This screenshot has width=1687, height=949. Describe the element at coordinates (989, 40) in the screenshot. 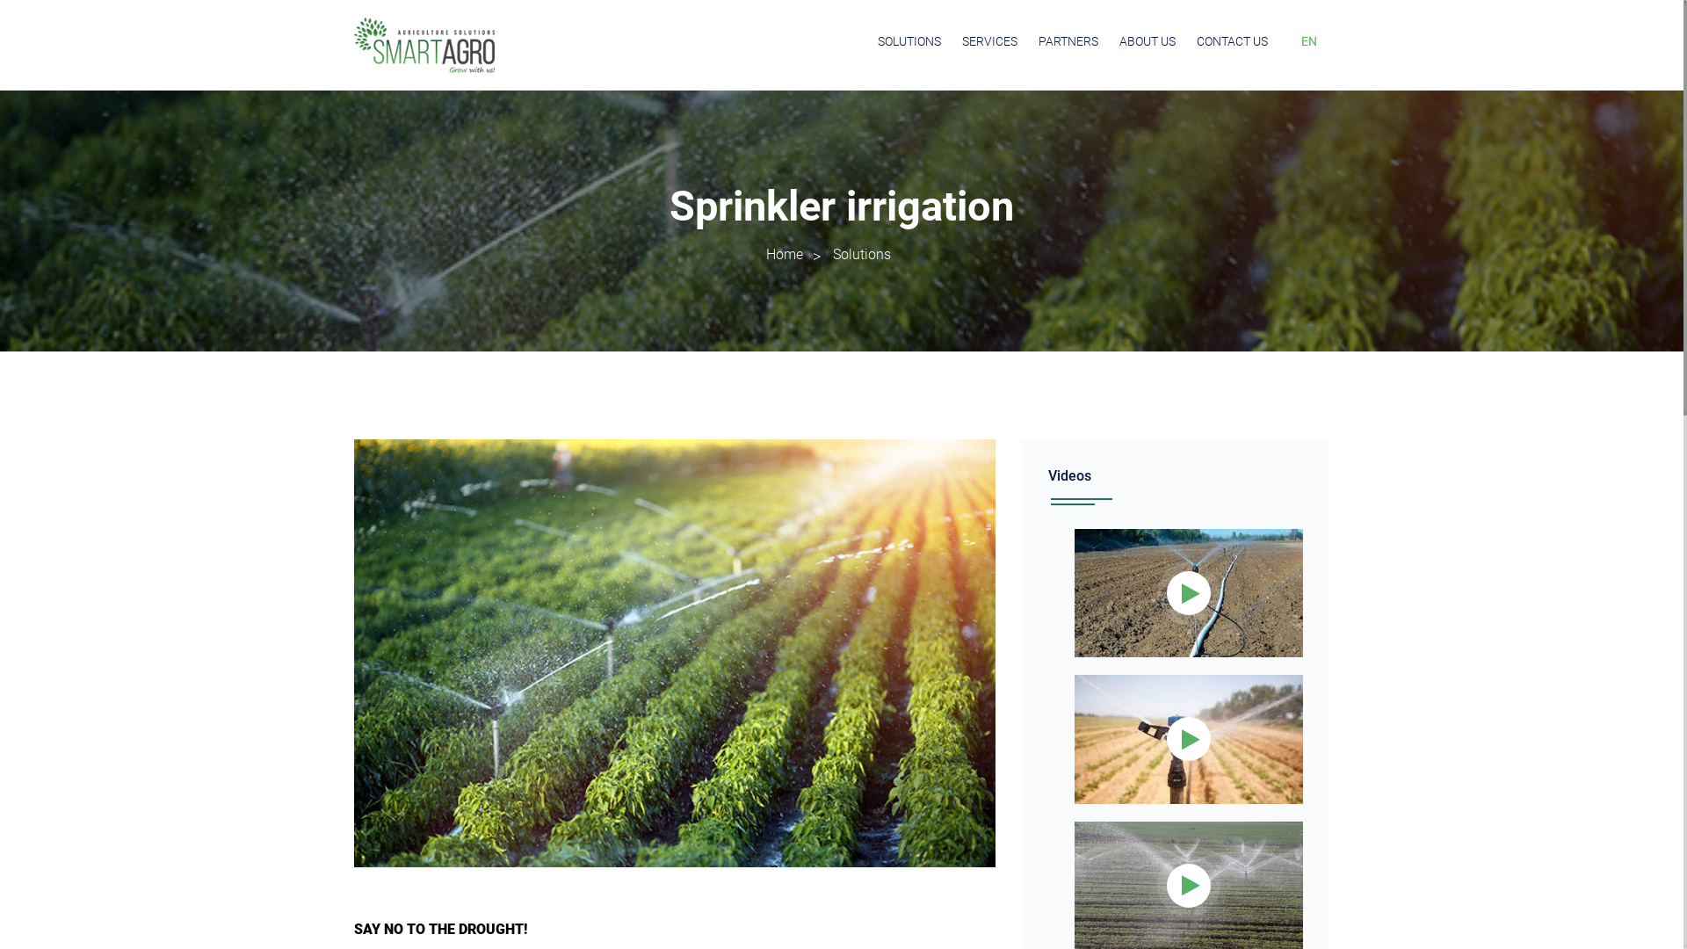

I see `'SERVICES'` at that location.